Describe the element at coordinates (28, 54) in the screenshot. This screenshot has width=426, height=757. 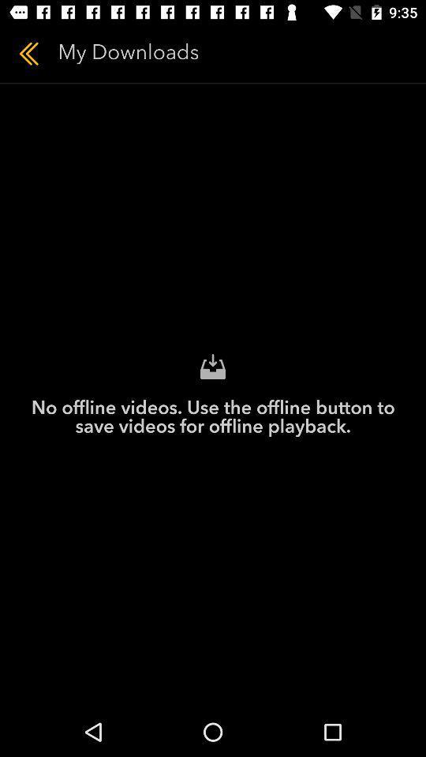
I see `item next to my downloads icon` at that location.